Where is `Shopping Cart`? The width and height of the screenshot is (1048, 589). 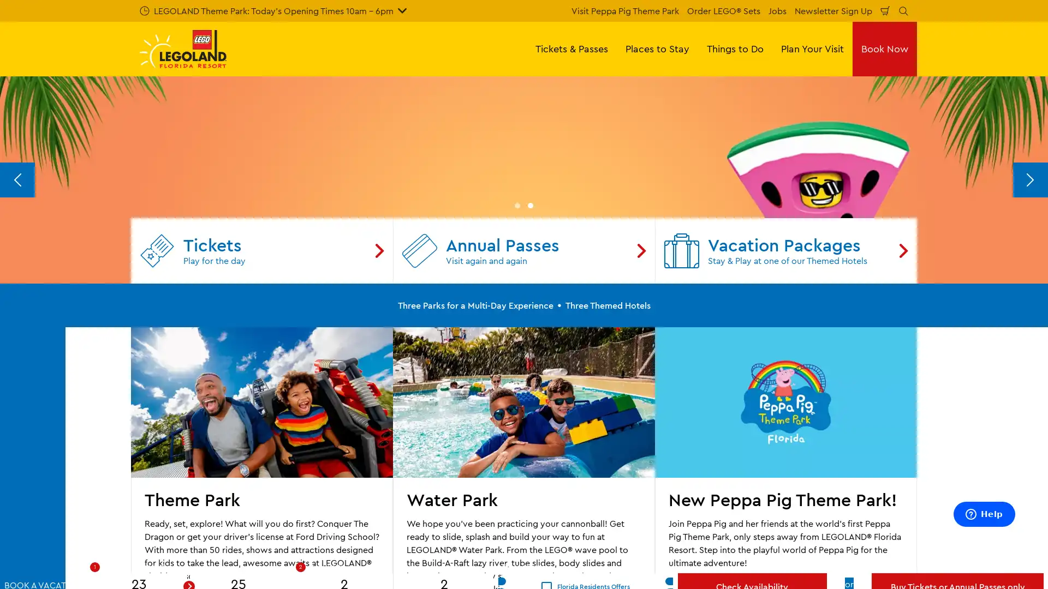 Shopping Cart is located at coordinates (885, 10).